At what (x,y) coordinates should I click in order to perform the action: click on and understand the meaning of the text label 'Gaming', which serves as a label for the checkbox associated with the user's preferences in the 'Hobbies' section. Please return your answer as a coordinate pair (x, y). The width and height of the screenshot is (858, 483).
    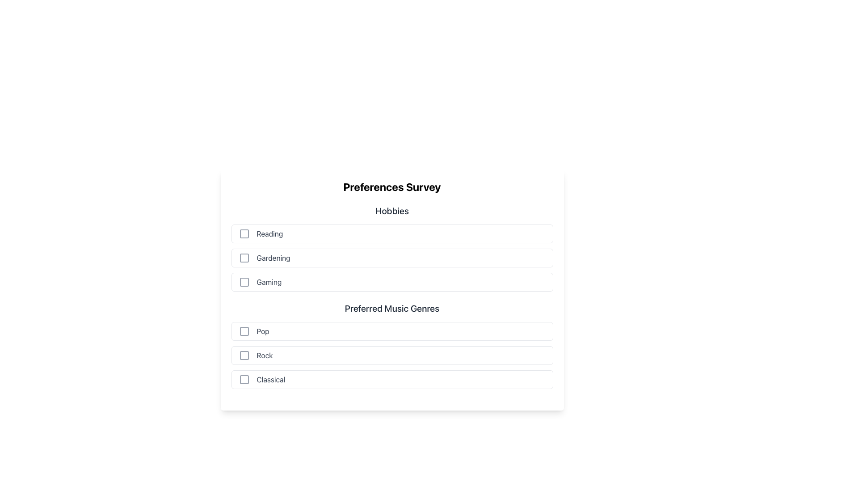
    Looking at the image, I should click on (269, 282).